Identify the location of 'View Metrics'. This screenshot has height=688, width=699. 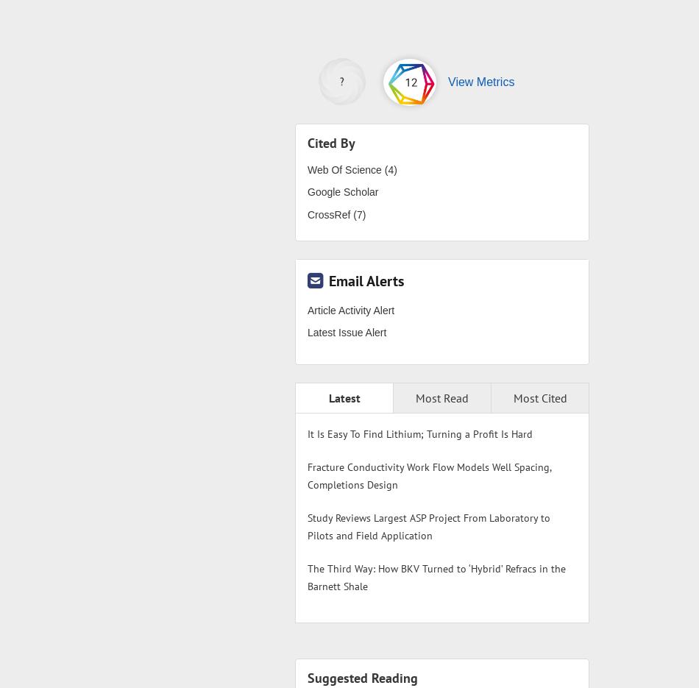
(480, 80).